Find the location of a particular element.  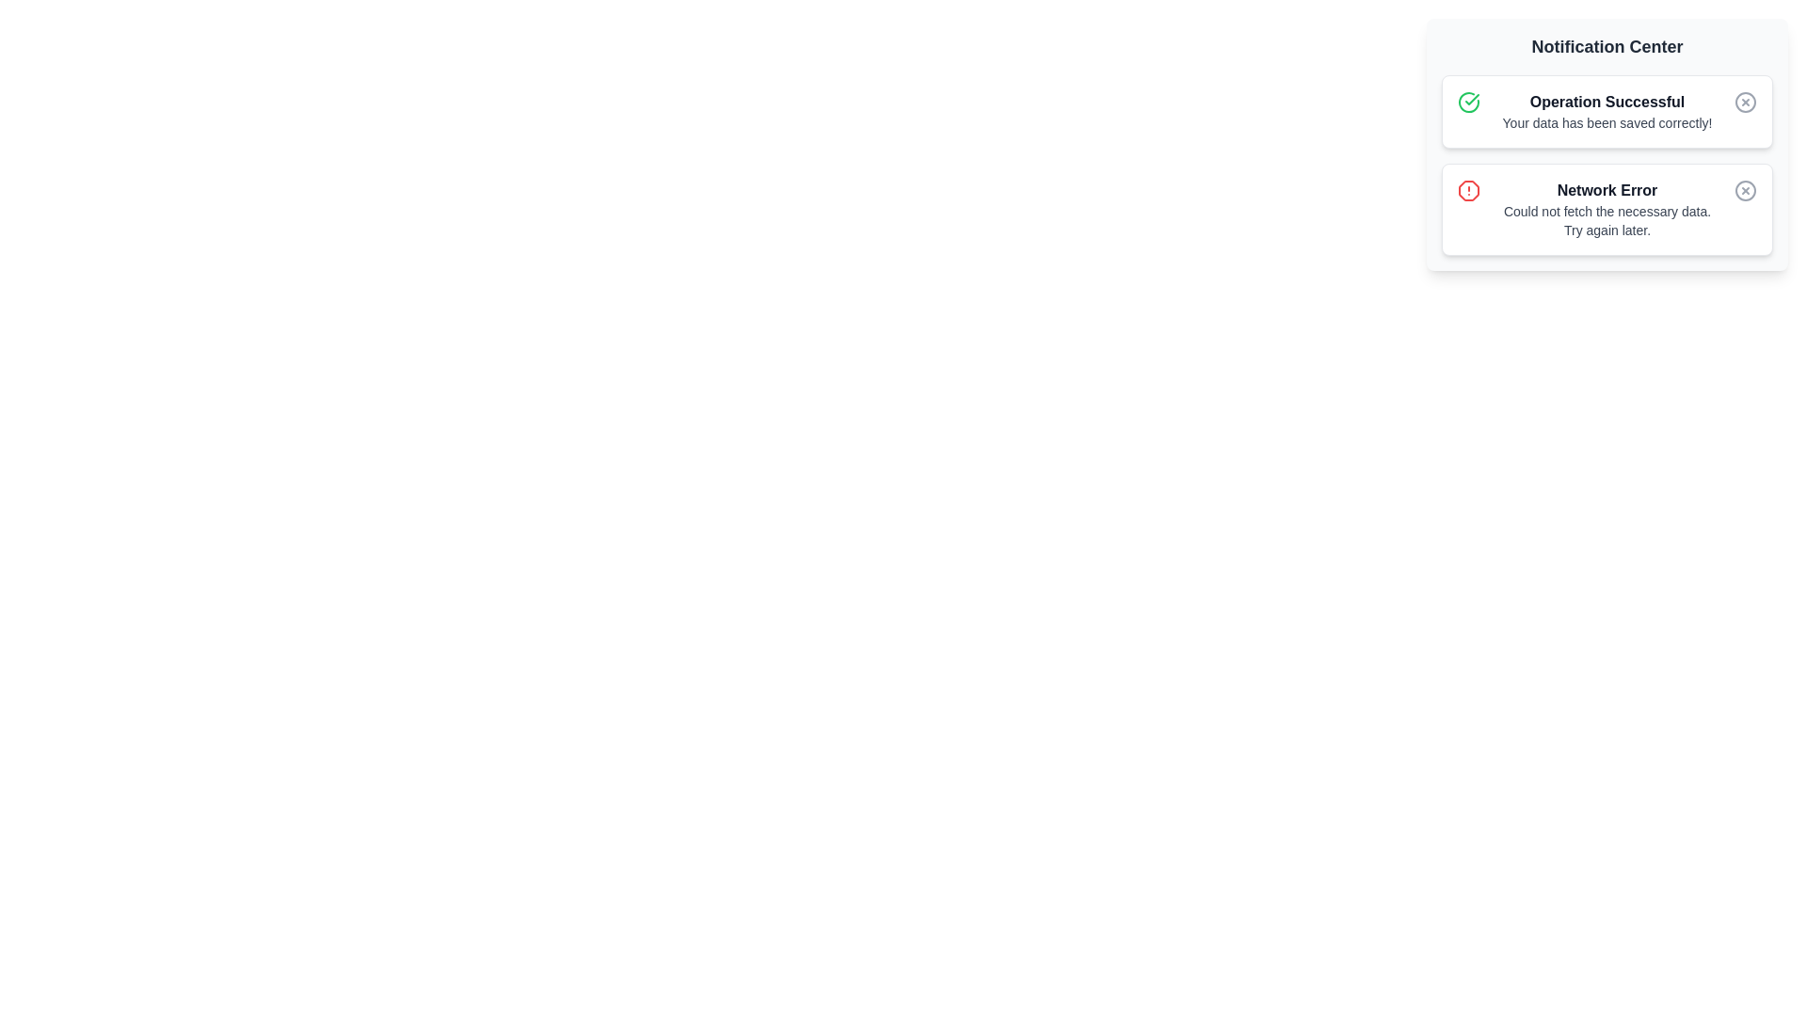

the circular icon with a green border and a checkmark in the center, located in the top-left corner of the 'Operation Successful' notification card is located at coordinates (1467, 102).